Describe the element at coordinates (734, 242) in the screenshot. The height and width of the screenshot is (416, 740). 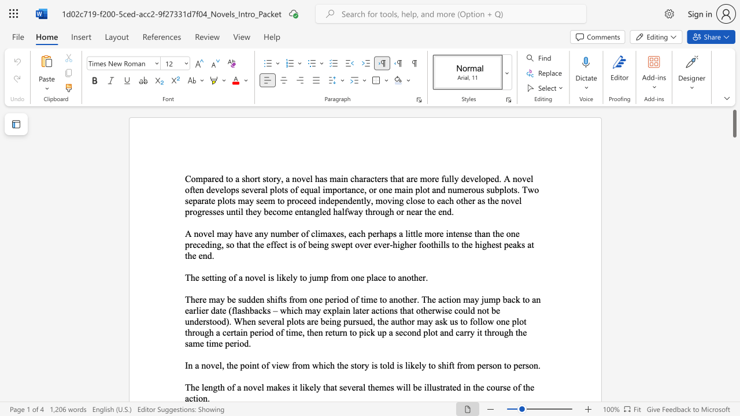
I see `the scrollbar to slide the page down` at that location.